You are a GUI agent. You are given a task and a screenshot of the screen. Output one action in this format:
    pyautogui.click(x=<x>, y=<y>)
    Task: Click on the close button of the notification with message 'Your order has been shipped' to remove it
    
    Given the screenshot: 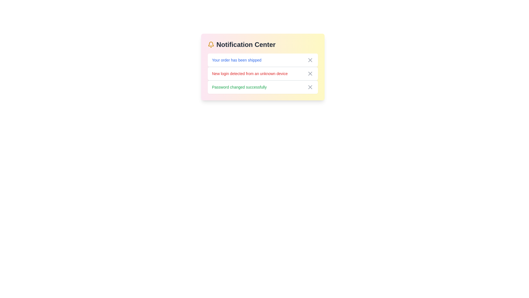 What is the action you would take?
    pyautogui.click(x=310, y=60)
    